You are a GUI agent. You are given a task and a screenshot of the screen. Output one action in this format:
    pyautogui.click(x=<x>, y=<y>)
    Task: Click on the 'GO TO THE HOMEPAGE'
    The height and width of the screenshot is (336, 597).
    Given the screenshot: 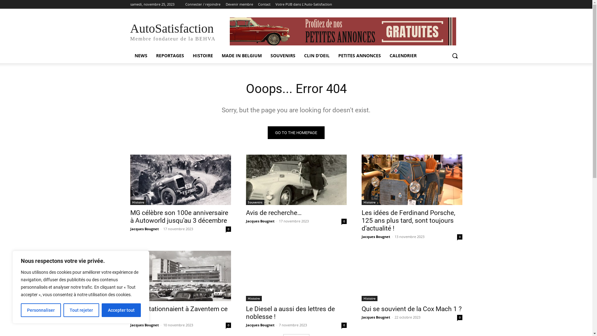 What is the action you would take?
    pyautogui.click(x=267, y=132)
    